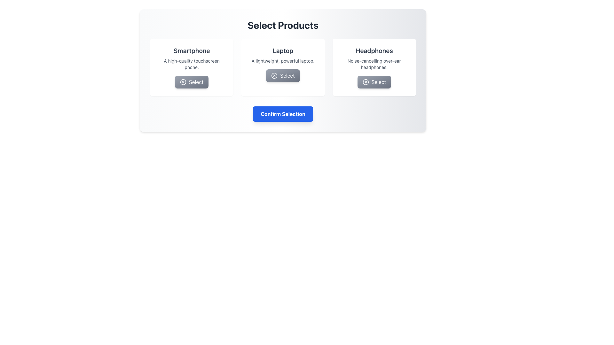 This screenshot has height=345, width=614. Describe the element at coordinates (183, 82) in the screenshot. I see `the icon with a thin circular outline and an 'X' symbol, located within the 'Select' button under the 'Smartphone' card` at that location.